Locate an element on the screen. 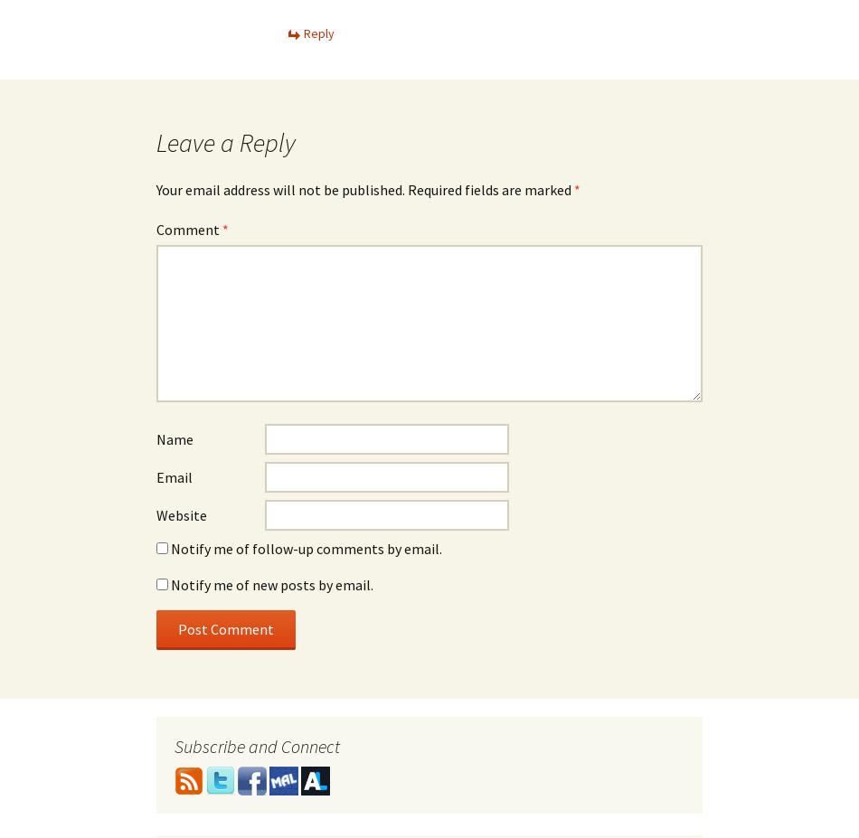 The image size is (859, 838). 'Name' is located at coordinates (175, 439).